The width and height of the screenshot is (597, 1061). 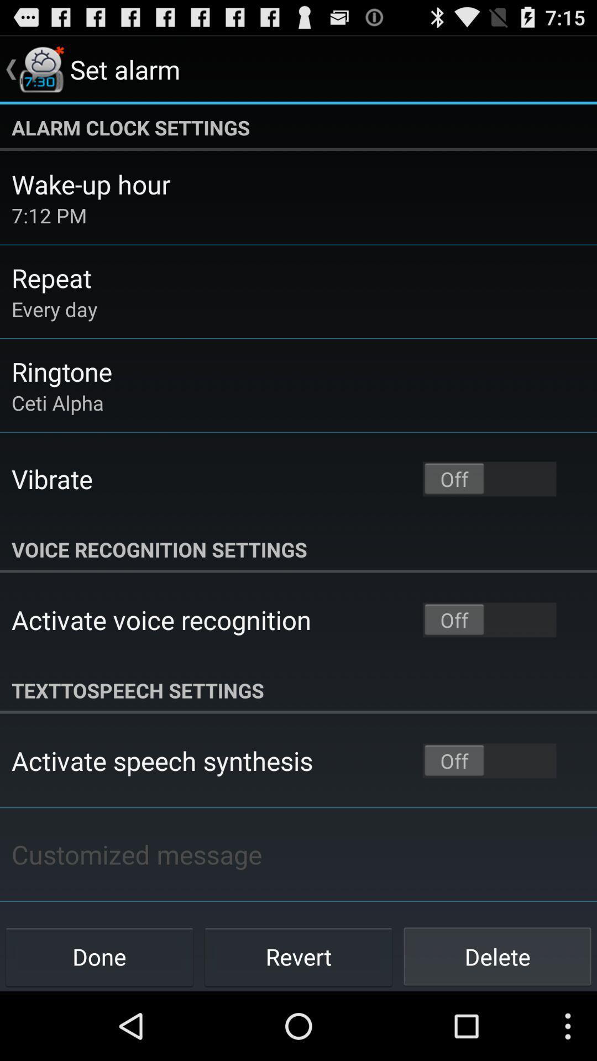 I want to click on the ceti alpha app, so click(x=57, y=402).